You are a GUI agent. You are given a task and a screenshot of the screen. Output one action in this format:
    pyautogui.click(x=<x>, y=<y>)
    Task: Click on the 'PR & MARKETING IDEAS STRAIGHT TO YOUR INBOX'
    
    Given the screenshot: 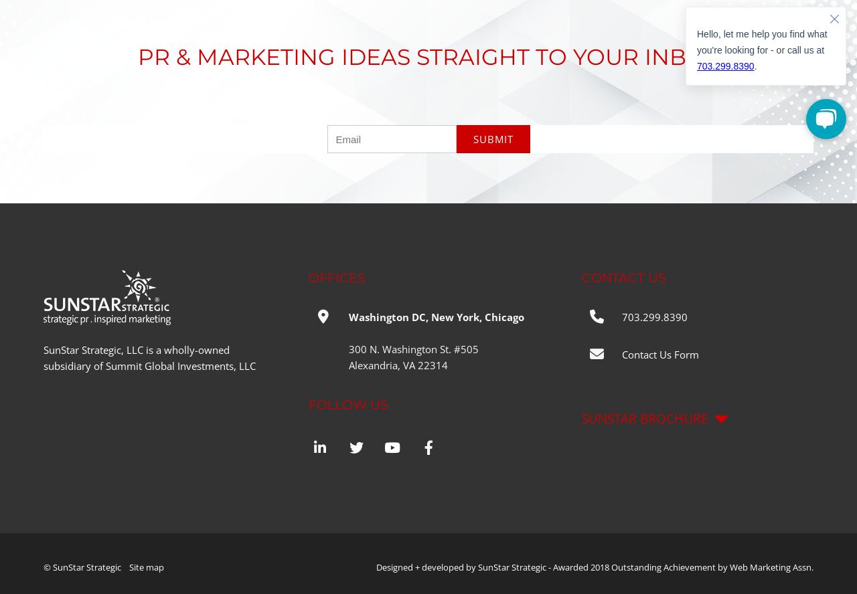 What is the action you would take?
    pyautogui.click(x=137, y=56)
    